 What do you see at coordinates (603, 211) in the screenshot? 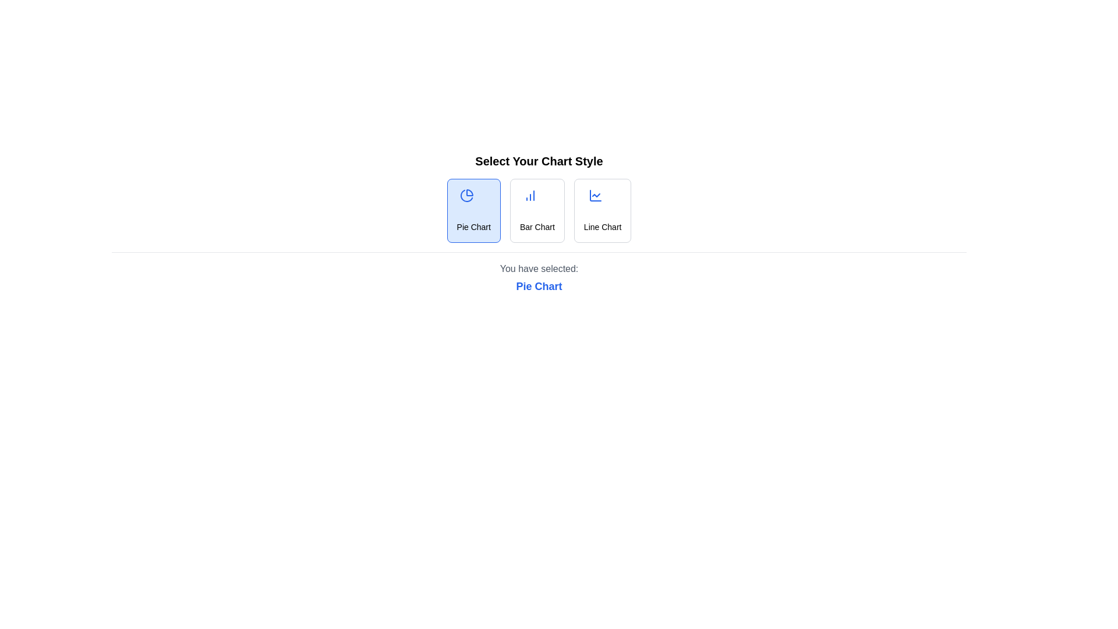
I see `the third button in the horizontal row, which selects the line chart style and updates the interface accordingly` at bounding box center [603, 211].